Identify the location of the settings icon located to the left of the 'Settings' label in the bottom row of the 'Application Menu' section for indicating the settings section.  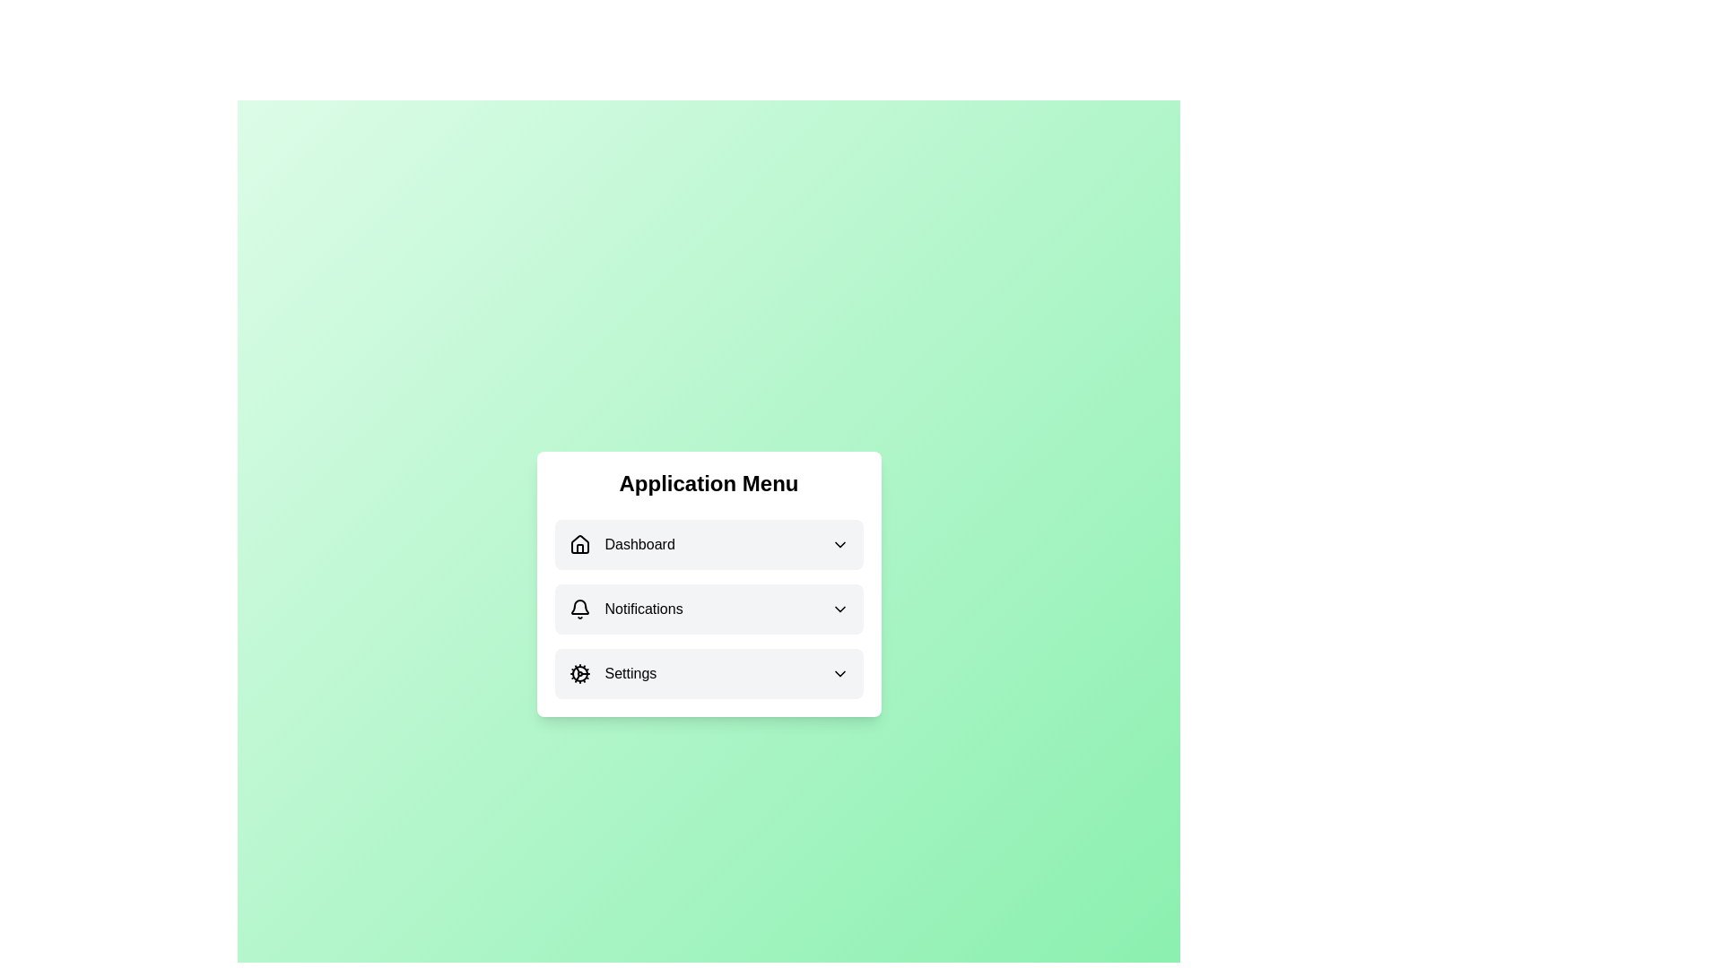
(579, 674).